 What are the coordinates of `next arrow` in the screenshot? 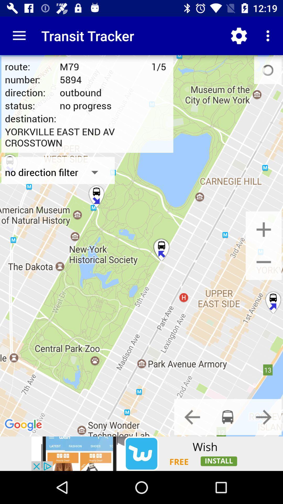 It's located at (264, 417).